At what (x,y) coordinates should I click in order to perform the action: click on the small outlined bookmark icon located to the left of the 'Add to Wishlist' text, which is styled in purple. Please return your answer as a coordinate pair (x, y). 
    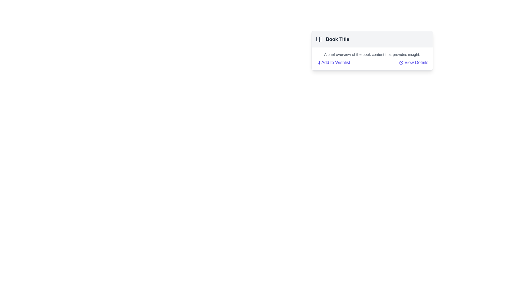
    Looking at the image, I should click on (318, 62).